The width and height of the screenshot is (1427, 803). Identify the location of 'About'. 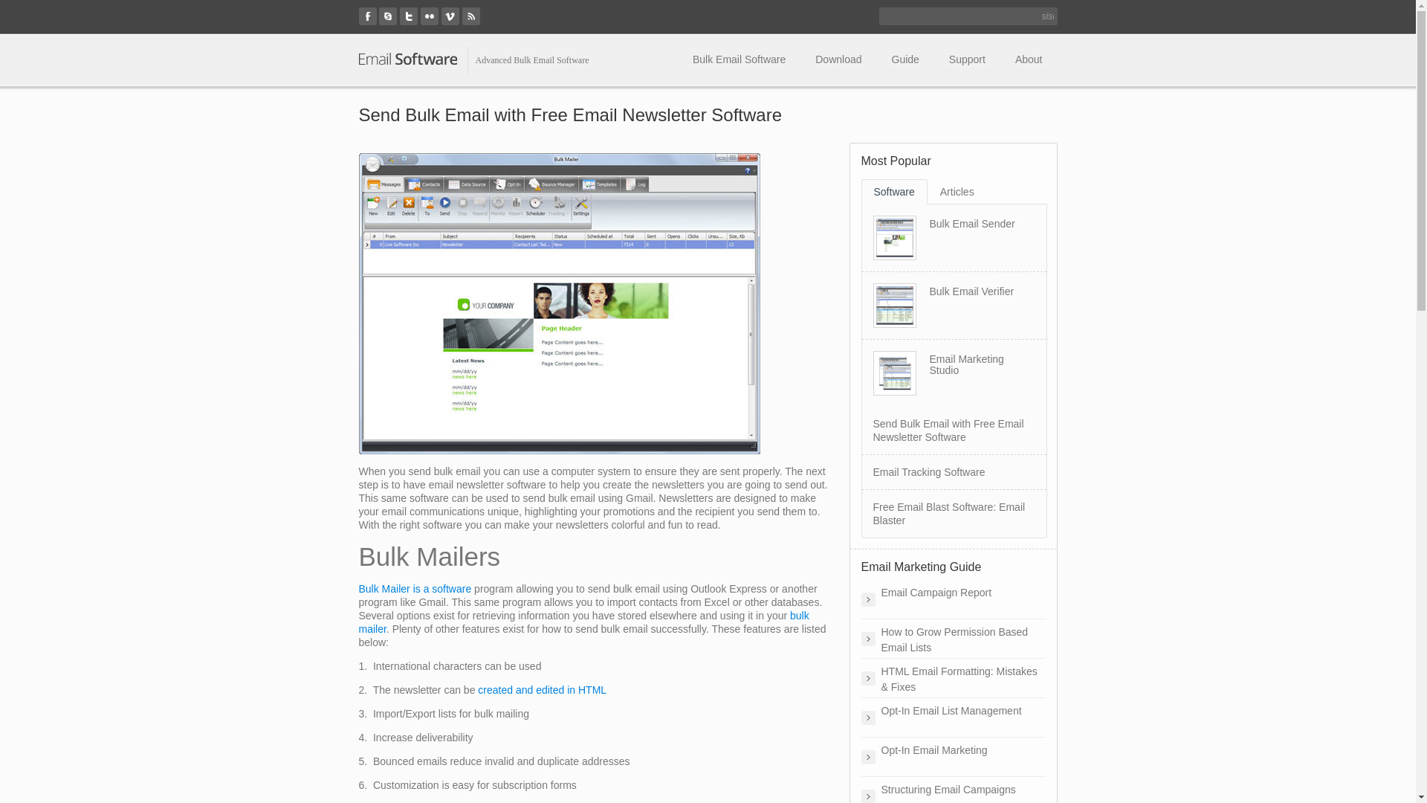
(1000, 59).